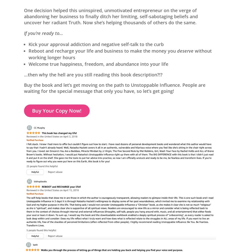 The width and height of the screenshot is (240, 252). What do you see at coordinates (120, 54) in the screenshot?
I see `'without working longer hours'` at bounding box center [120, 54].